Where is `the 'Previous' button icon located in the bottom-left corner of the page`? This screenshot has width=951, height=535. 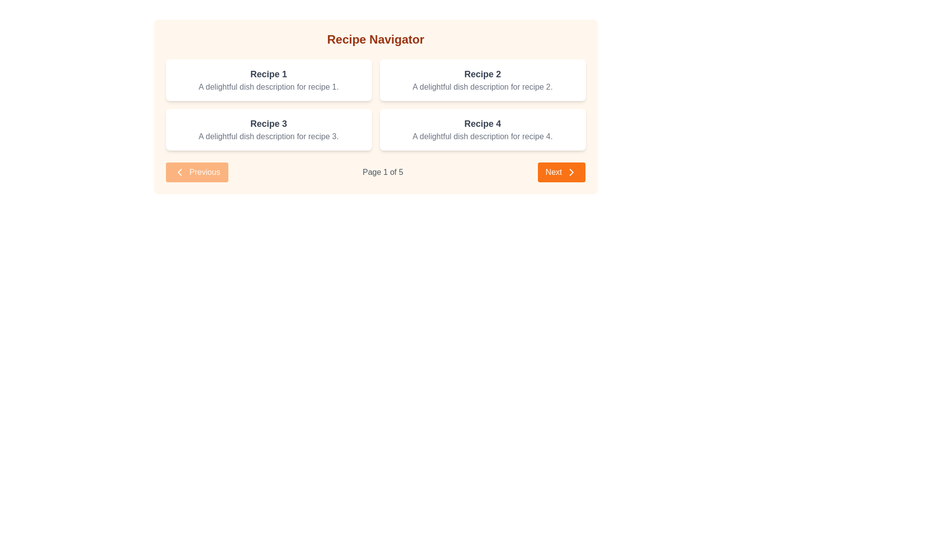 the 'Previous' button icon located in the bottom-left corner of the page is located at coordinates (179, 171).